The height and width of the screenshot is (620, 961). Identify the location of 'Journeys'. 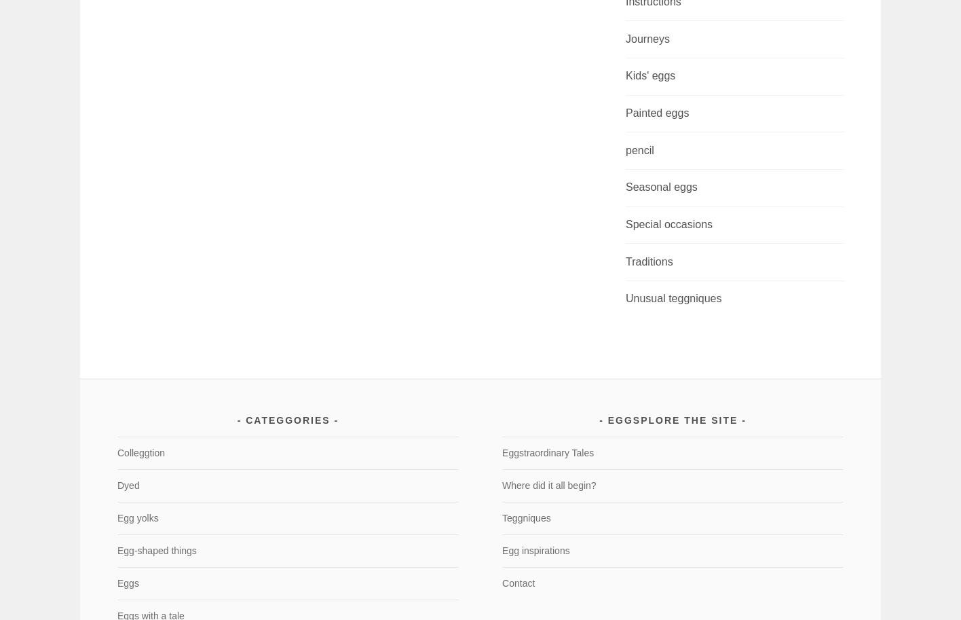
(647, 37).